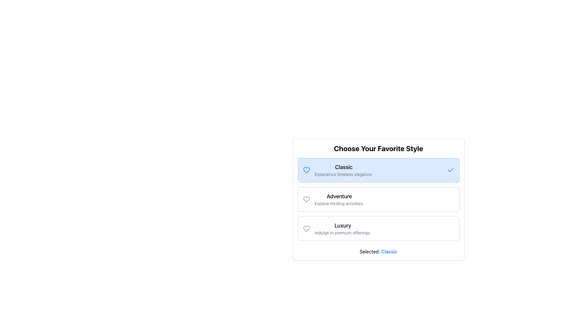 This screenshot has height=322, width=572. What do you see at coordinates (339, 203) in the screenshot?
I see `the subtitle text located directly below the main title 'Adventure' in the 'Adventure' card option to check for a tooltip` at bounding box center [339, 203].